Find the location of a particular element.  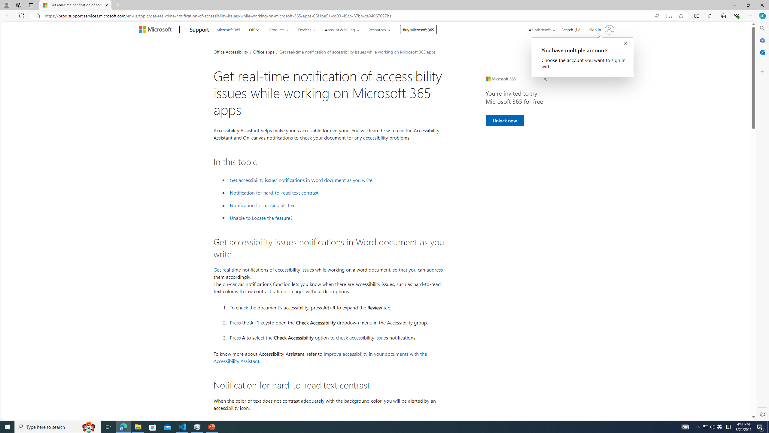

'Split screen' is located at coordinates (697, 15).